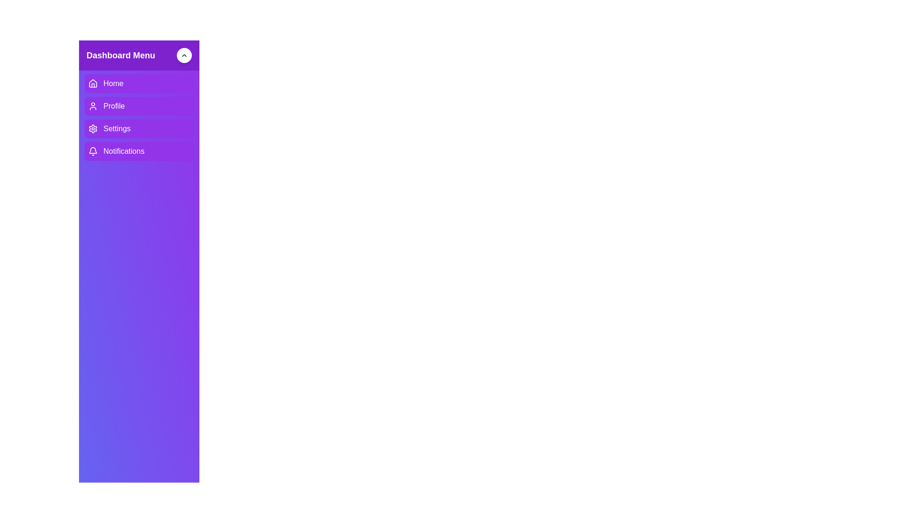 The height and width of the screenshot is (508, 903). Describe the element at coordinates (184, 56) in the screenshot. I see `the circular button with a white background and black chevron-up icon located in the top-right corner of the purple header bar labeled 'Dashboard Menu'` at that location.